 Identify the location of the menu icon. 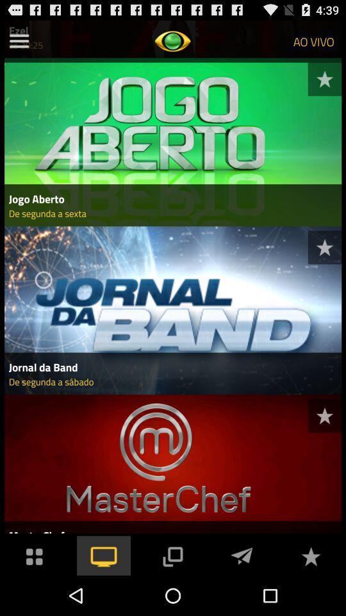
(19, 44).